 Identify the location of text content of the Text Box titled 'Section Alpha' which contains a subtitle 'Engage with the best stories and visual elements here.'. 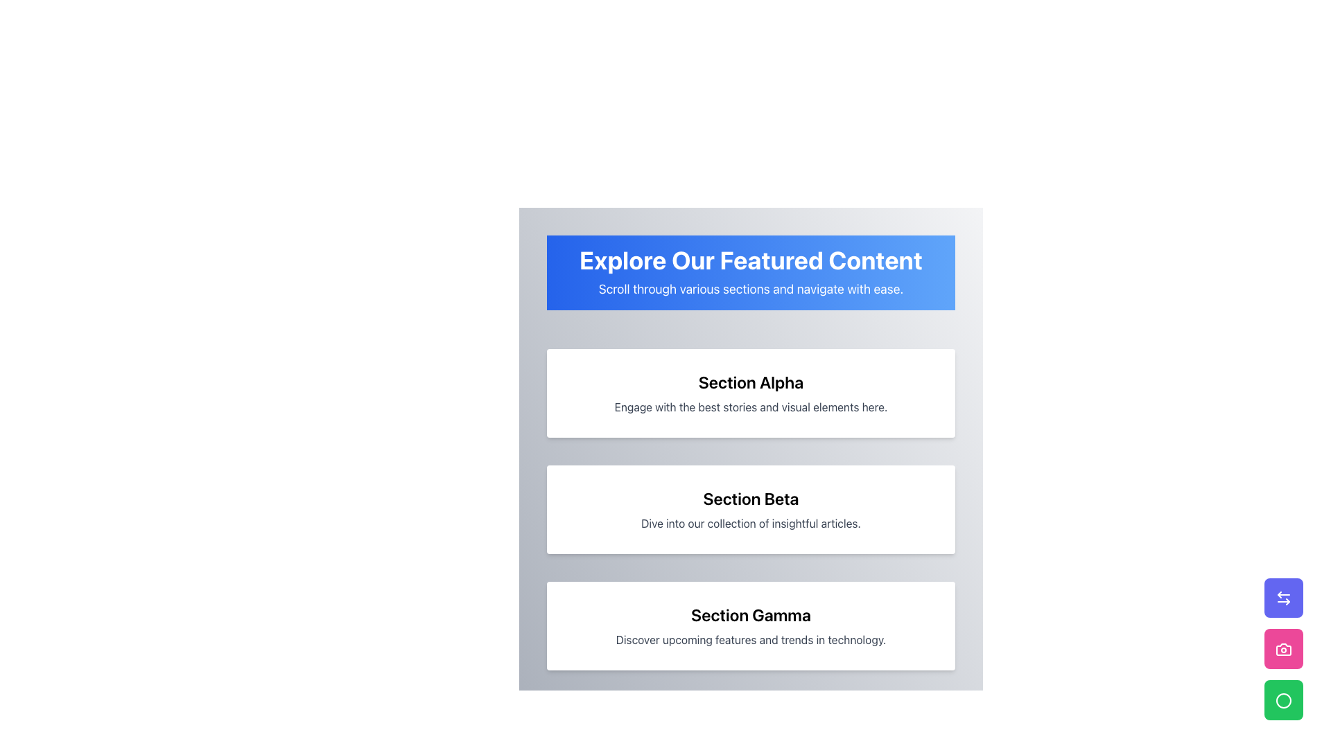
(750, 393).